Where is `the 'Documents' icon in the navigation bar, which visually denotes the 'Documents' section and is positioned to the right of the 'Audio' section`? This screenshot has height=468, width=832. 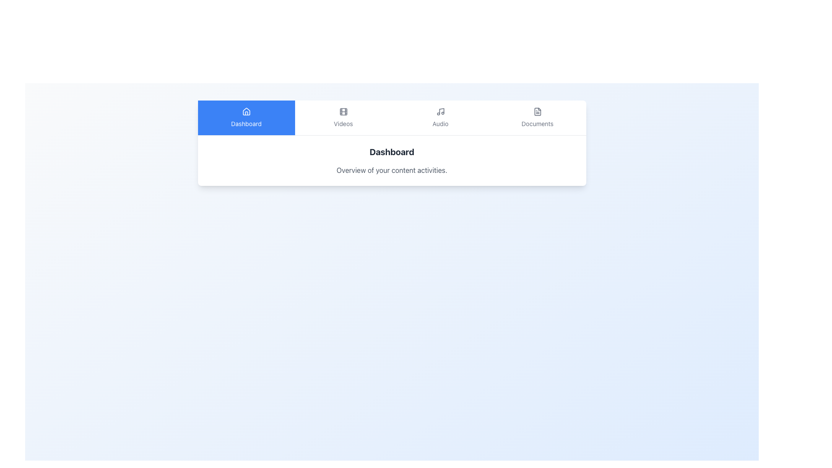 the 'Documents' icon in the navigation bar, which visually denotes the 'Documents' section and is positioned to the right of the 'Audio' section is located at coordinates (537, 111).